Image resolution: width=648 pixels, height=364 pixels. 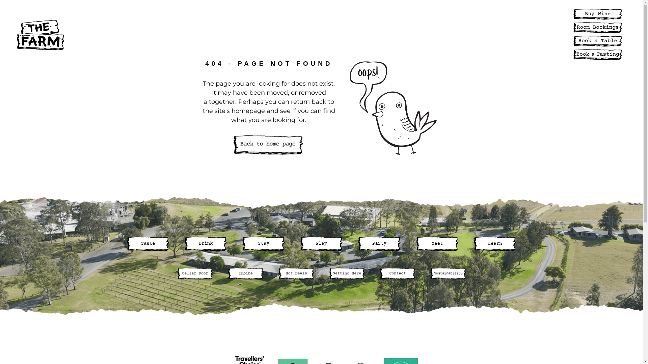 I want to click on 'sustainability-Button-1 copy', so click(x=448, y=274).